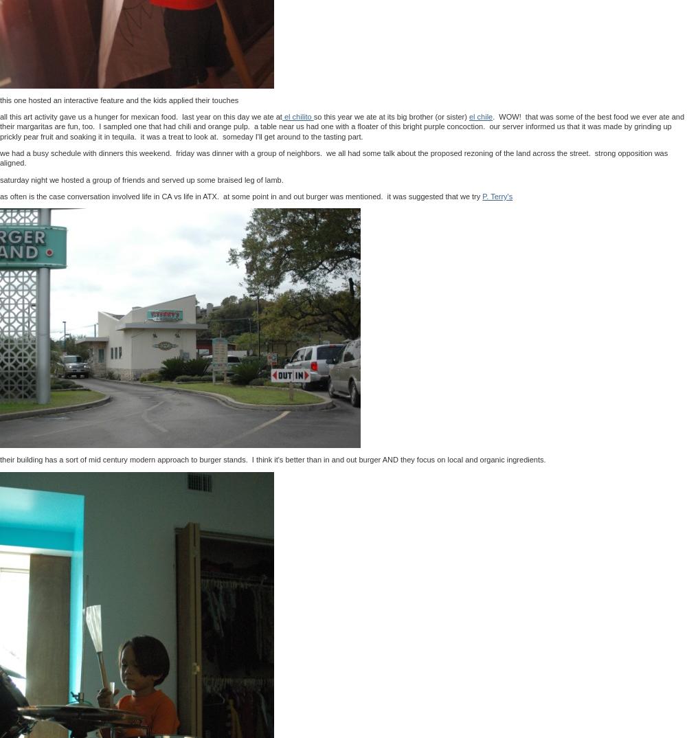 The width and height of the screenshot is (687, 738). Describe the element at coordinates (0, 458) in the screenshot. I see `'their building has a sort of mid century modern approach to burger stands.  I think it's better than in and out burger AND they focus on local and organic ingredients.'` at that location.